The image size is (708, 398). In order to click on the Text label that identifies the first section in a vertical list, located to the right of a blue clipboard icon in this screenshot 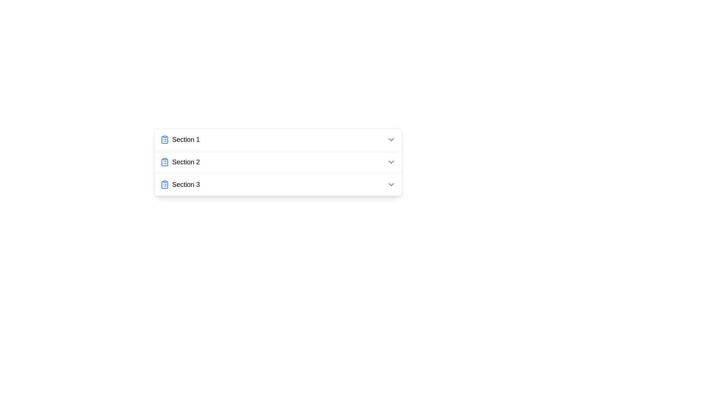, I will do `click(186, 139)`.